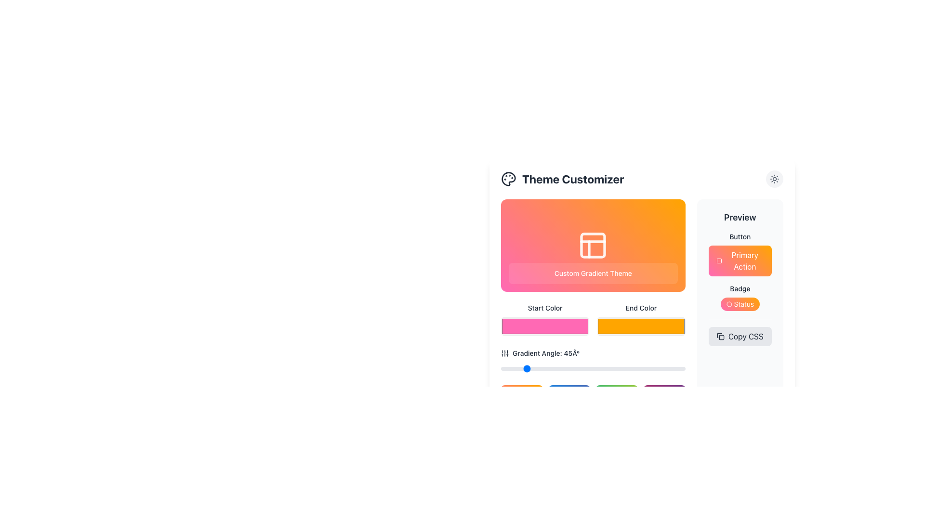 The width and height of the screenshot is (925, 520). What do you see at coordinates (545, 320) in the screenshot?
I see `the color input field that allows users to pick or input a start color for a gradient` at bounding box center [545, 320].